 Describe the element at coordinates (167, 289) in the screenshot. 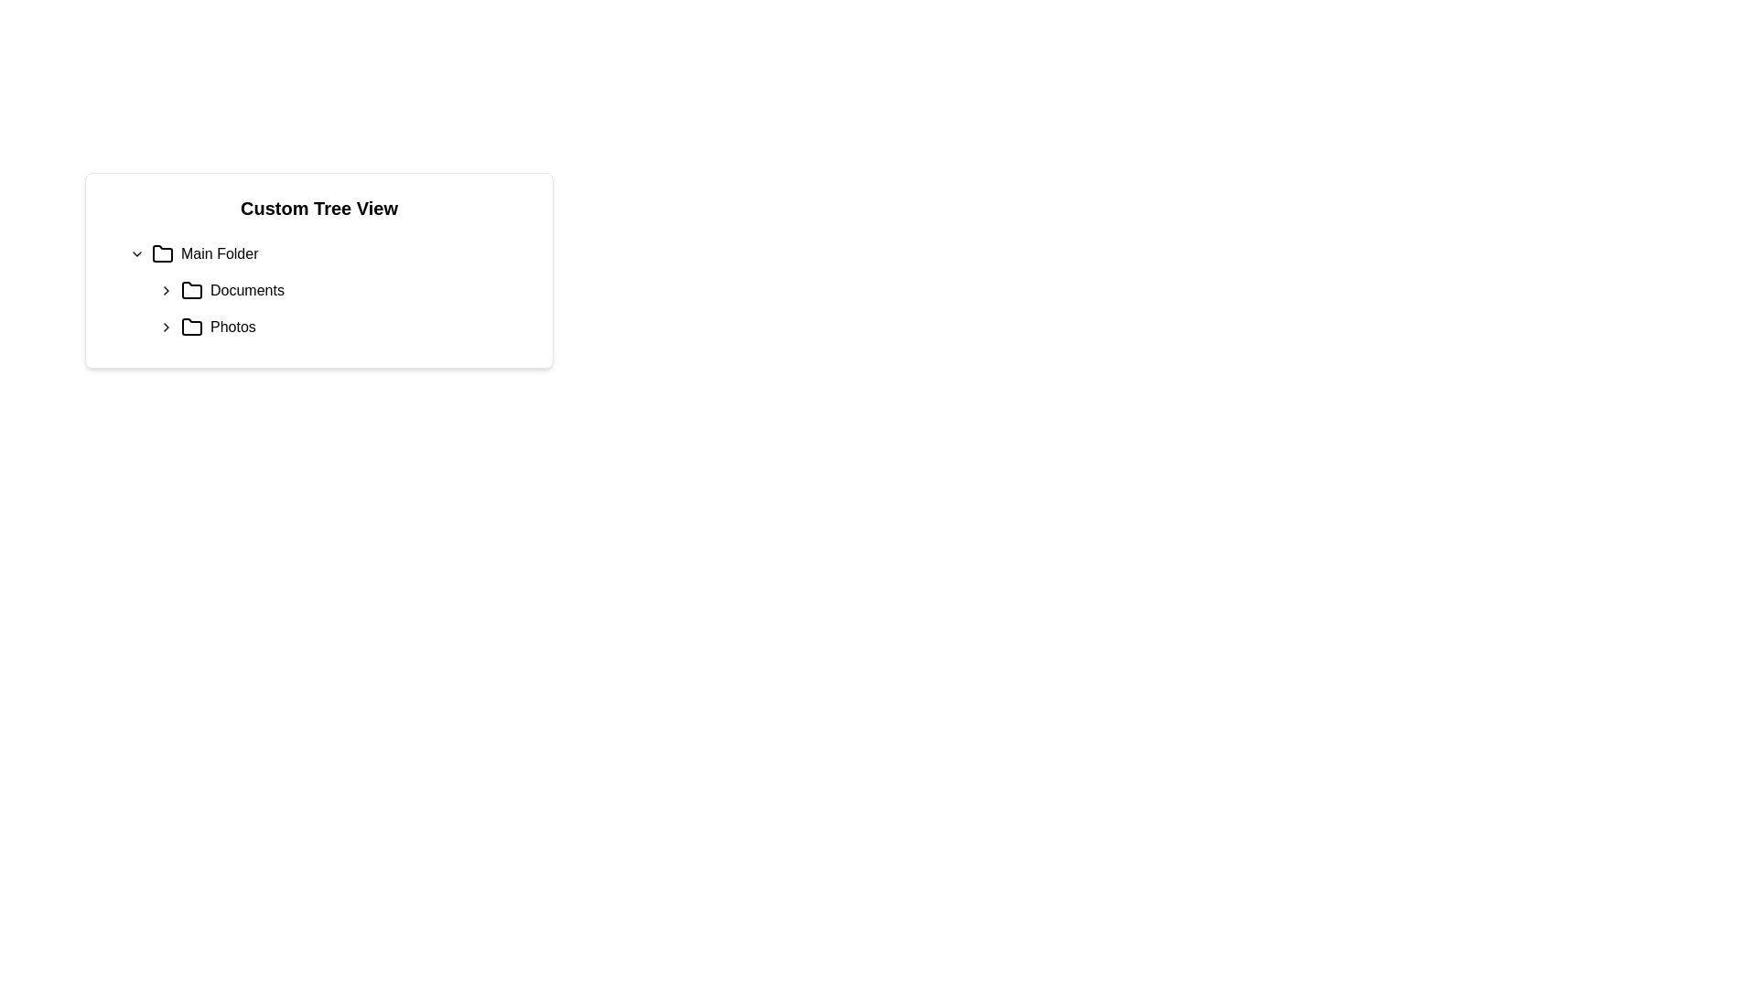

I see `the chevron button located to the left of the 'Documents' entry` at that location.